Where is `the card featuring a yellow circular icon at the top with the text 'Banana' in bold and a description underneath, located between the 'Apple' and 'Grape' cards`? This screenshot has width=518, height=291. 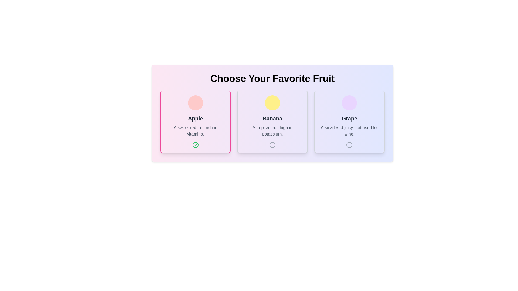 the card featuring a yellow circular icon at the top with the text 'Banana' in bold and a description underneath, located between the 'Apple' and 'Grape' cards is located at coordinates (272, 122).